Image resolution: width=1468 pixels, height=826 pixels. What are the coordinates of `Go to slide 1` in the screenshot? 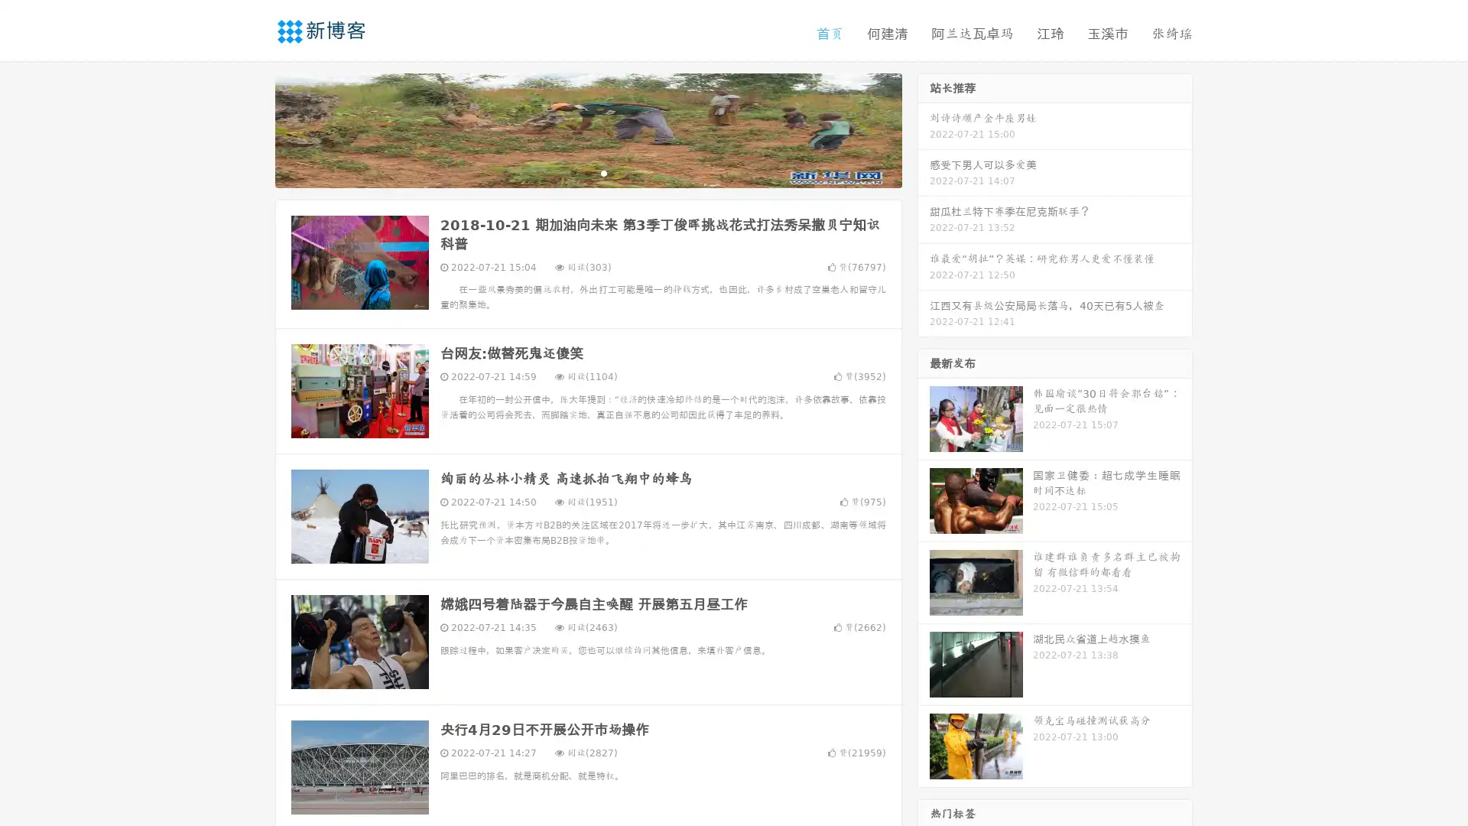 It's located at (572, 172).